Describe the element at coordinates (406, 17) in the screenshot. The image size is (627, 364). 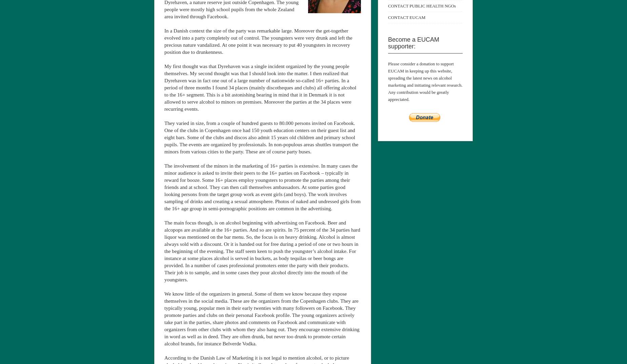
I see `'CONTACT EUCAM'` at that location.